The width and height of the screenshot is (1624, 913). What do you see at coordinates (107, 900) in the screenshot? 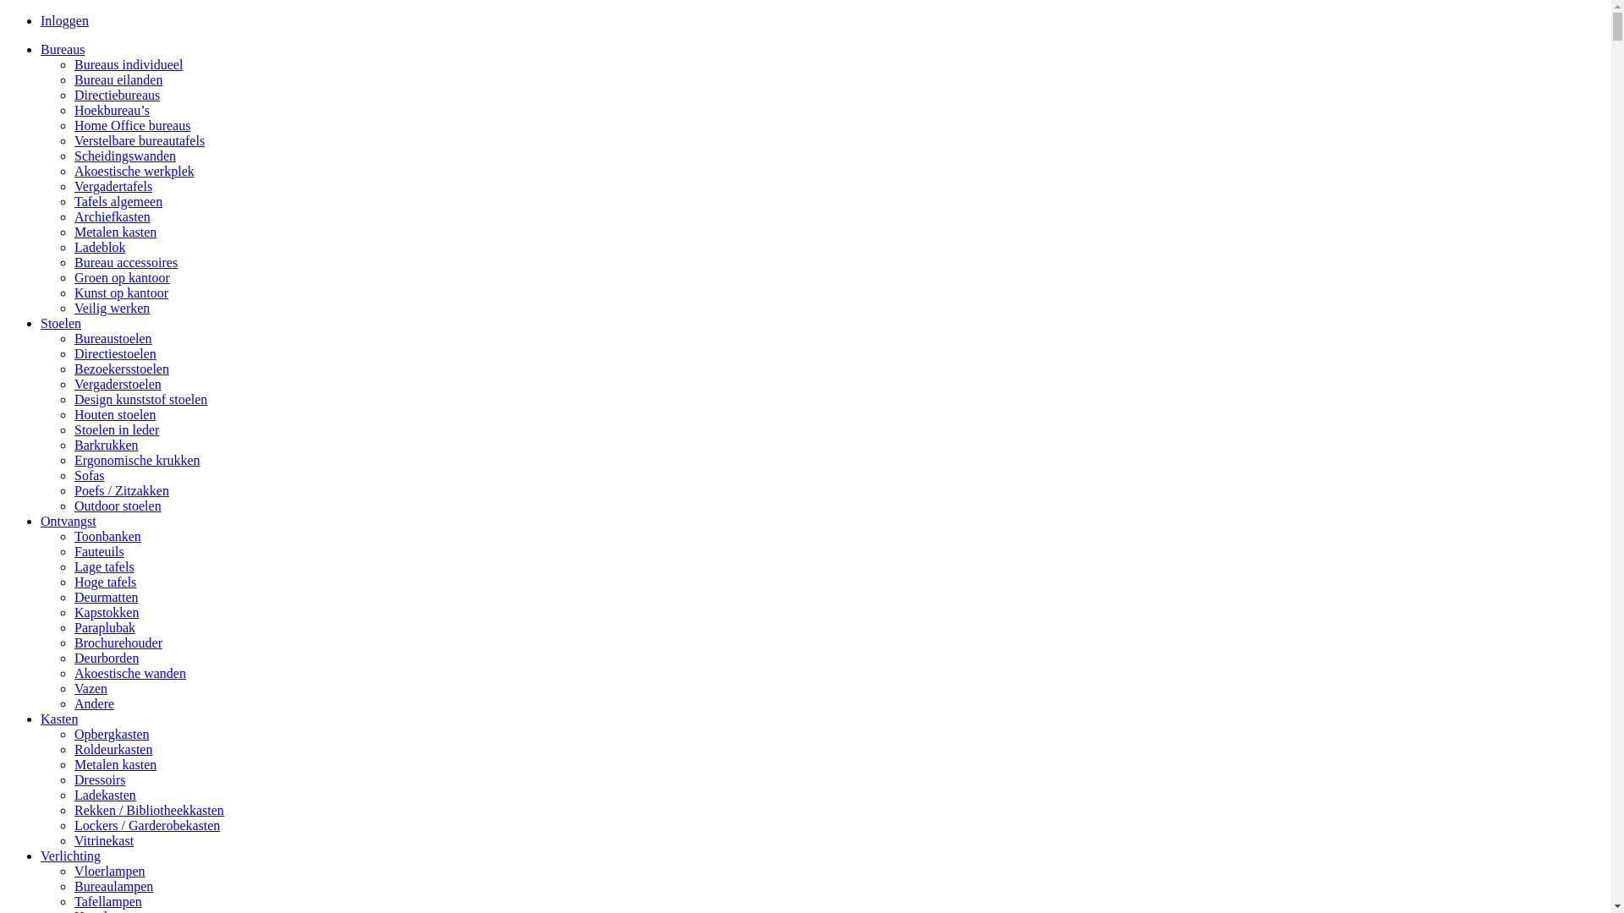
I see `'Tafellampen'` at bounding box center [107, 900].